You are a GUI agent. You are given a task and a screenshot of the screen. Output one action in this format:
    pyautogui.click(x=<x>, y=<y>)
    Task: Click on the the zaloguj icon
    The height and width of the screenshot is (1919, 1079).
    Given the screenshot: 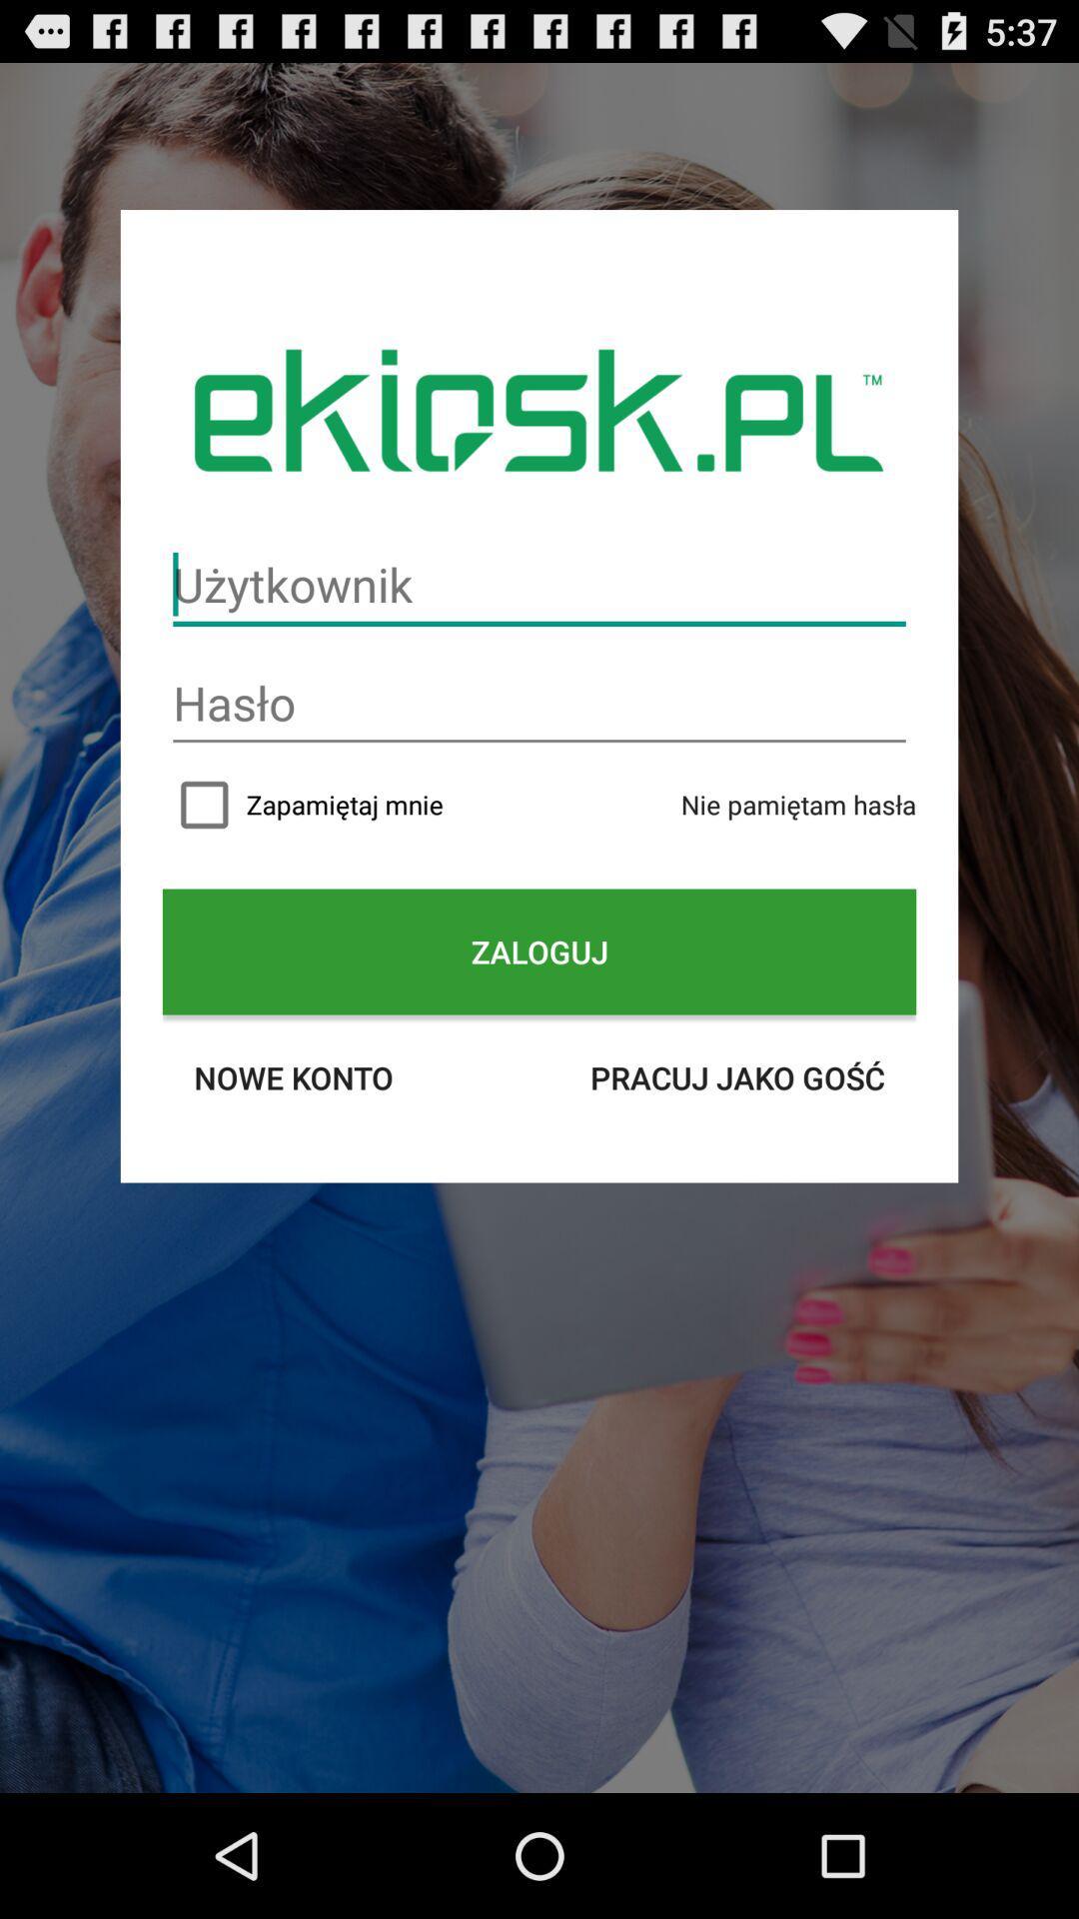 What is the action you would take?
    pyautogui.click(x=539, y=951)
    